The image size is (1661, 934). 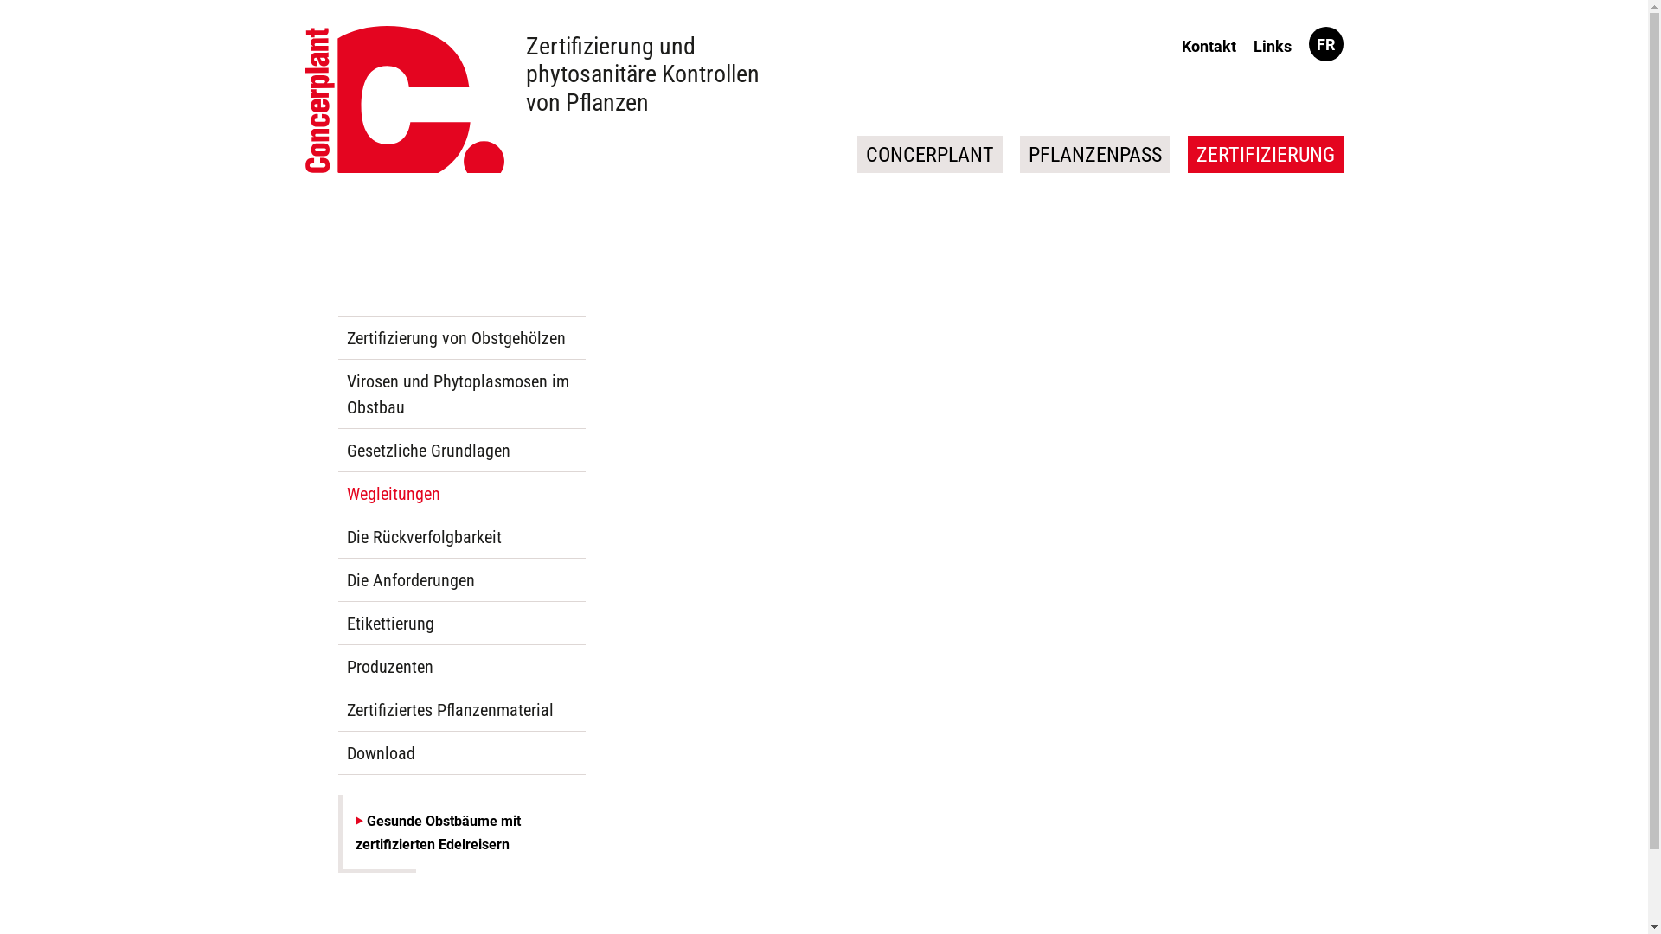 I want to click on 'Etikettierung', so click(x=460, y=624).